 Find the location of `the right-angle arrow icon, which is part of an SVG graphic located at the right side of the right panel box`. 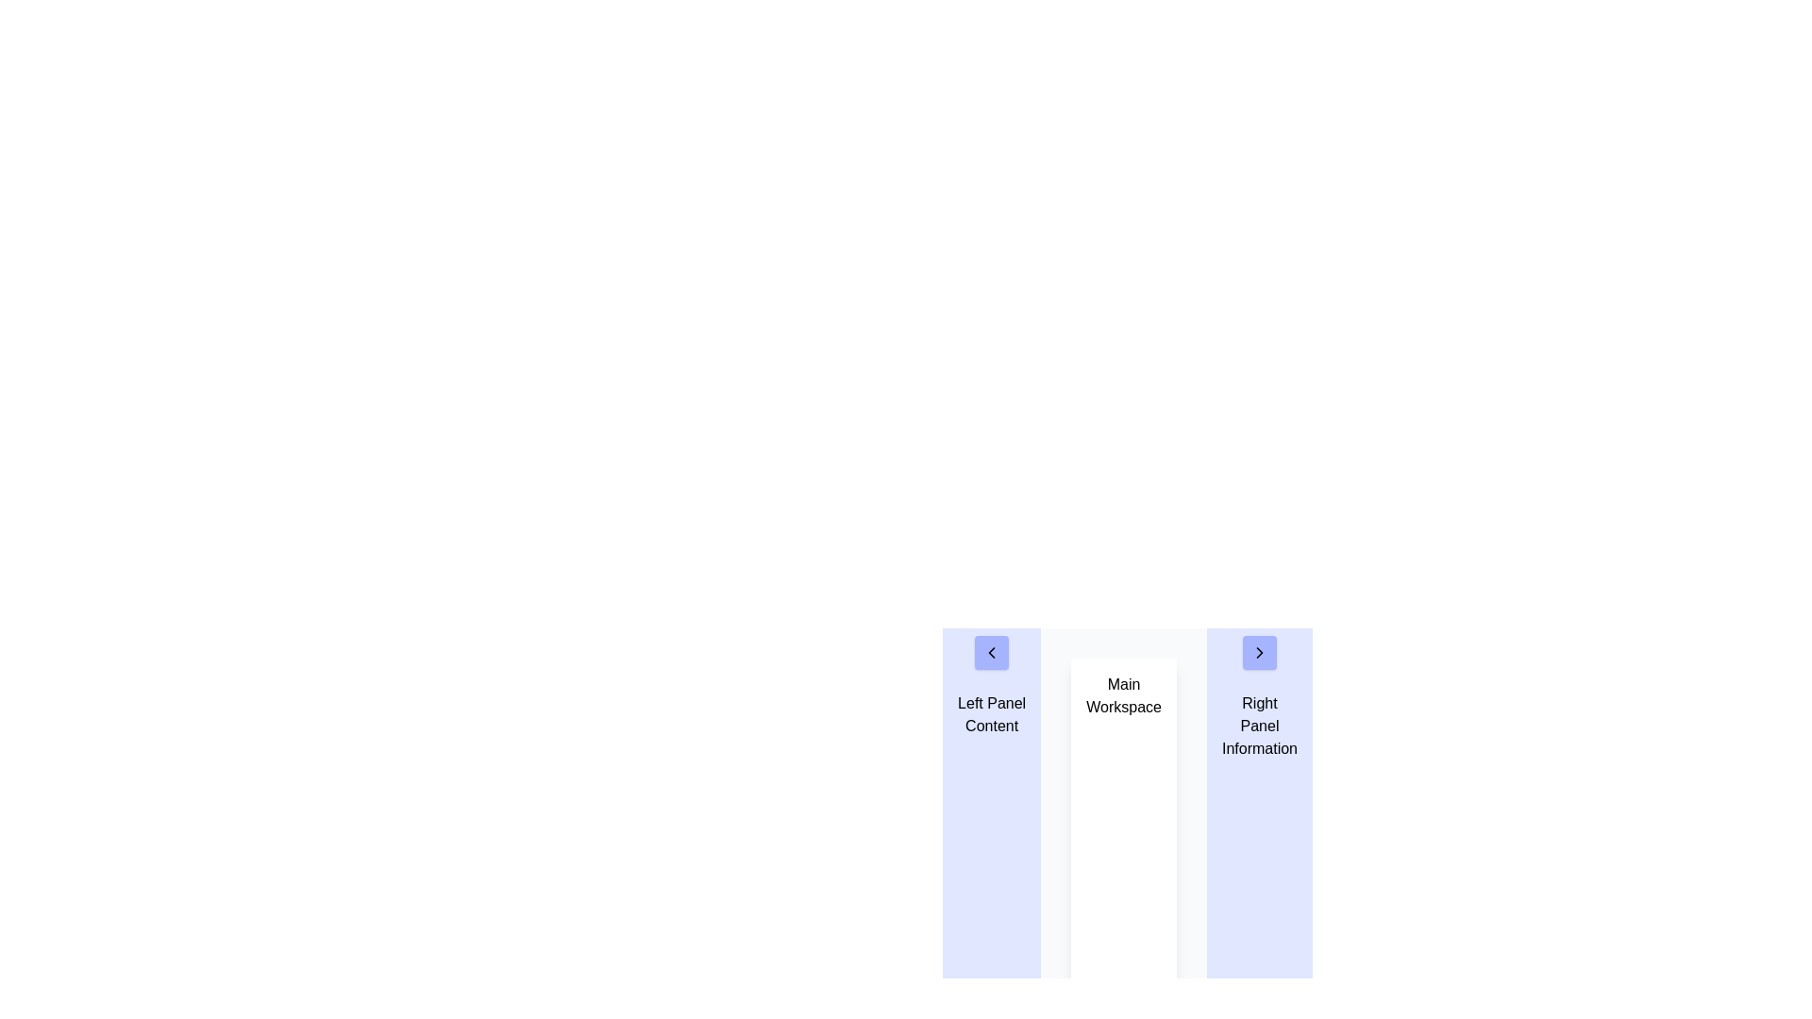

the right-angle arrow icon, which is part of an SVG graphic located at the right side of the right panel box is located at coordinates (1259, 651).